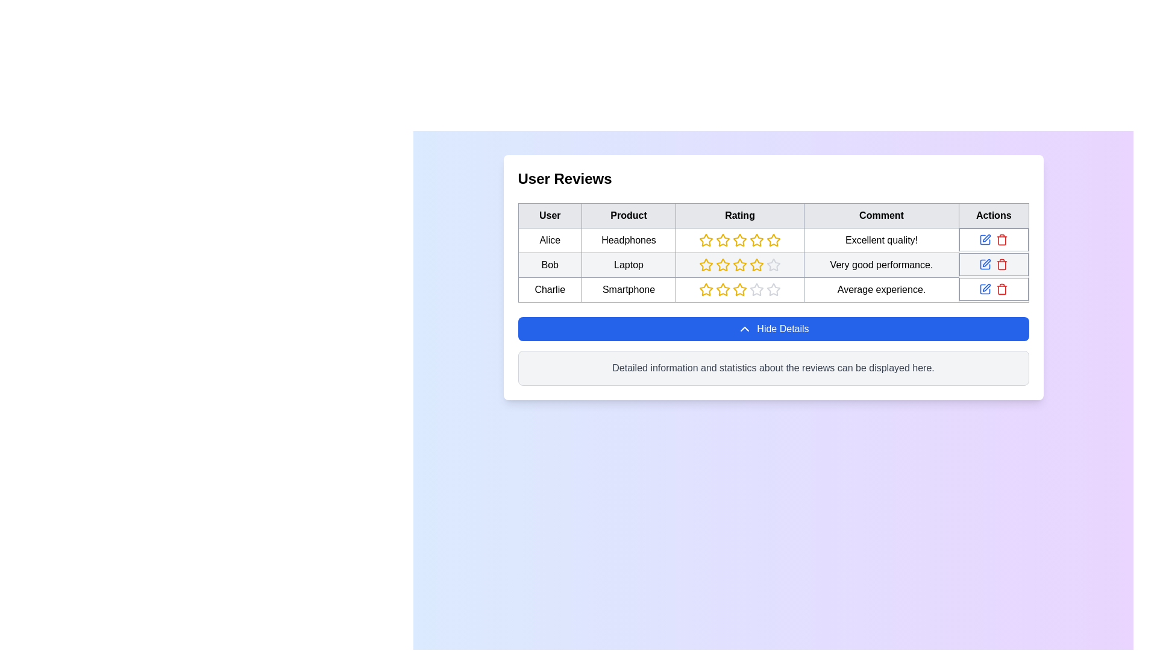 The height and width of the screenshot is (651, 1157). What do you see at coordinates (985, 289) in the screenshot?
I see `the clickable icon/button in the 'Actions' column of the 'User Reviews' table for the review by 'Charlie'` at bounding box center [985, 289].